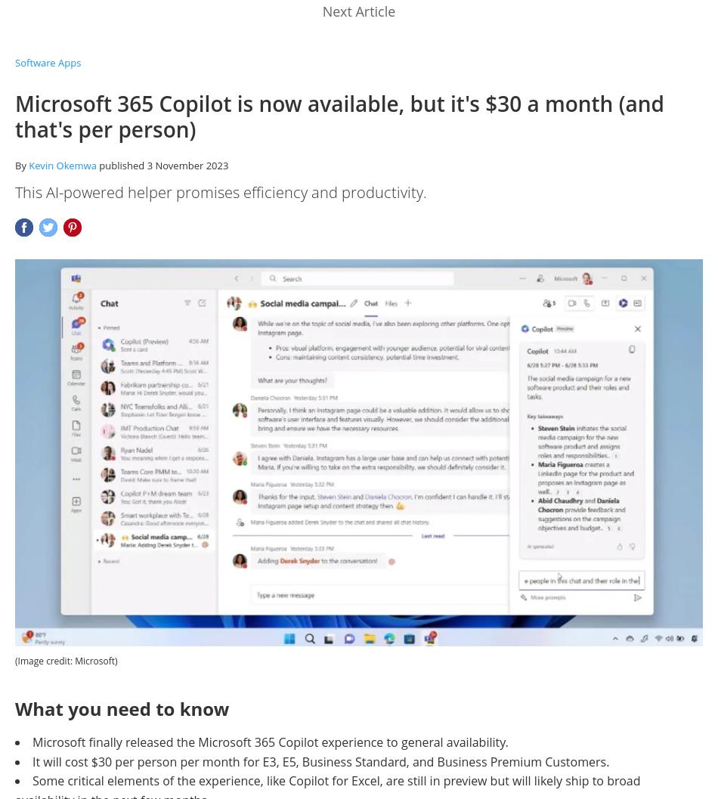 The width and height of the screenshot is (718, 799). What do you see at coordinates (21, 166) in the screenshot?
I see `'By'` at bounding box center [21, 166].